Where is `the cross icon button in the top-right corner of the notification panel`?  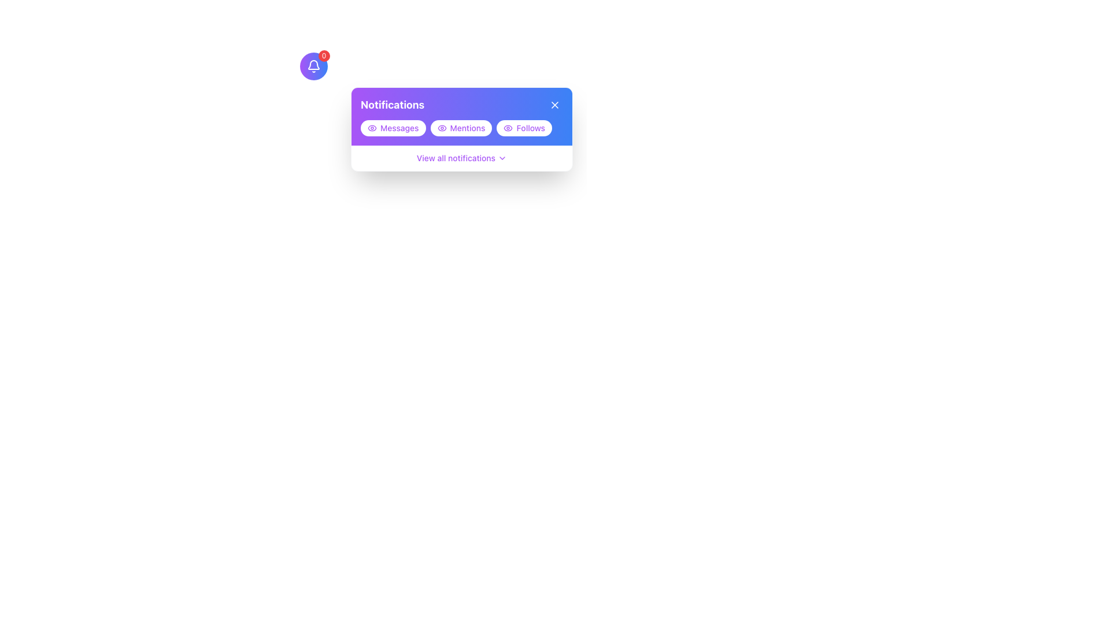 the cross icon button in the top-right corner of the notification panel is located at coordinates (555, 105).